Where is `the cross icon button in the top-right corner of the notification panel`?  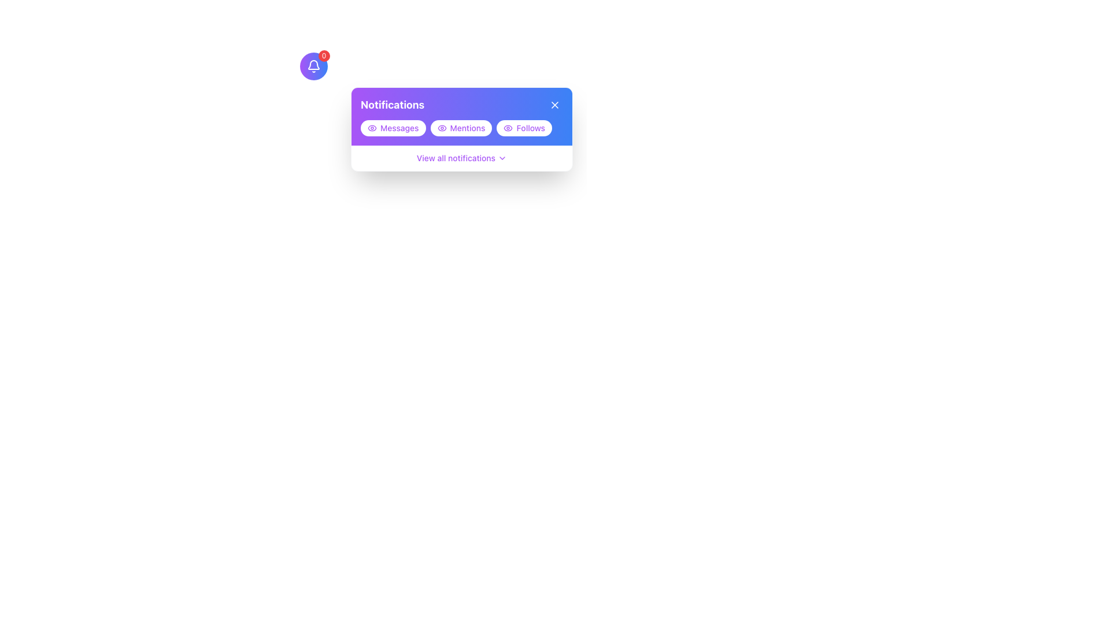 the cross icon button in the top-right corner of the notification panel is located at coordinates (555, 105).